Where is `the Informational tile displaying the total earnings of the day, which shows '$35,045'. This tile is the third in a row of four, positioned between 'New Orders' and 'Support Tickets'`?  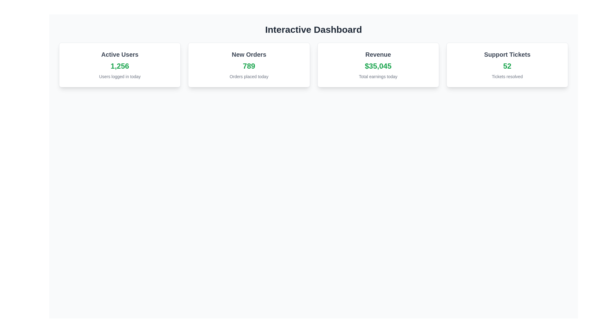
the Informational tile displaying the total earnings of the day, which shows '$35,045'. This tile is the third in a row of four, positioned between 'New Orders' and 'Support Tickets' is located at coordinates (378, 65).